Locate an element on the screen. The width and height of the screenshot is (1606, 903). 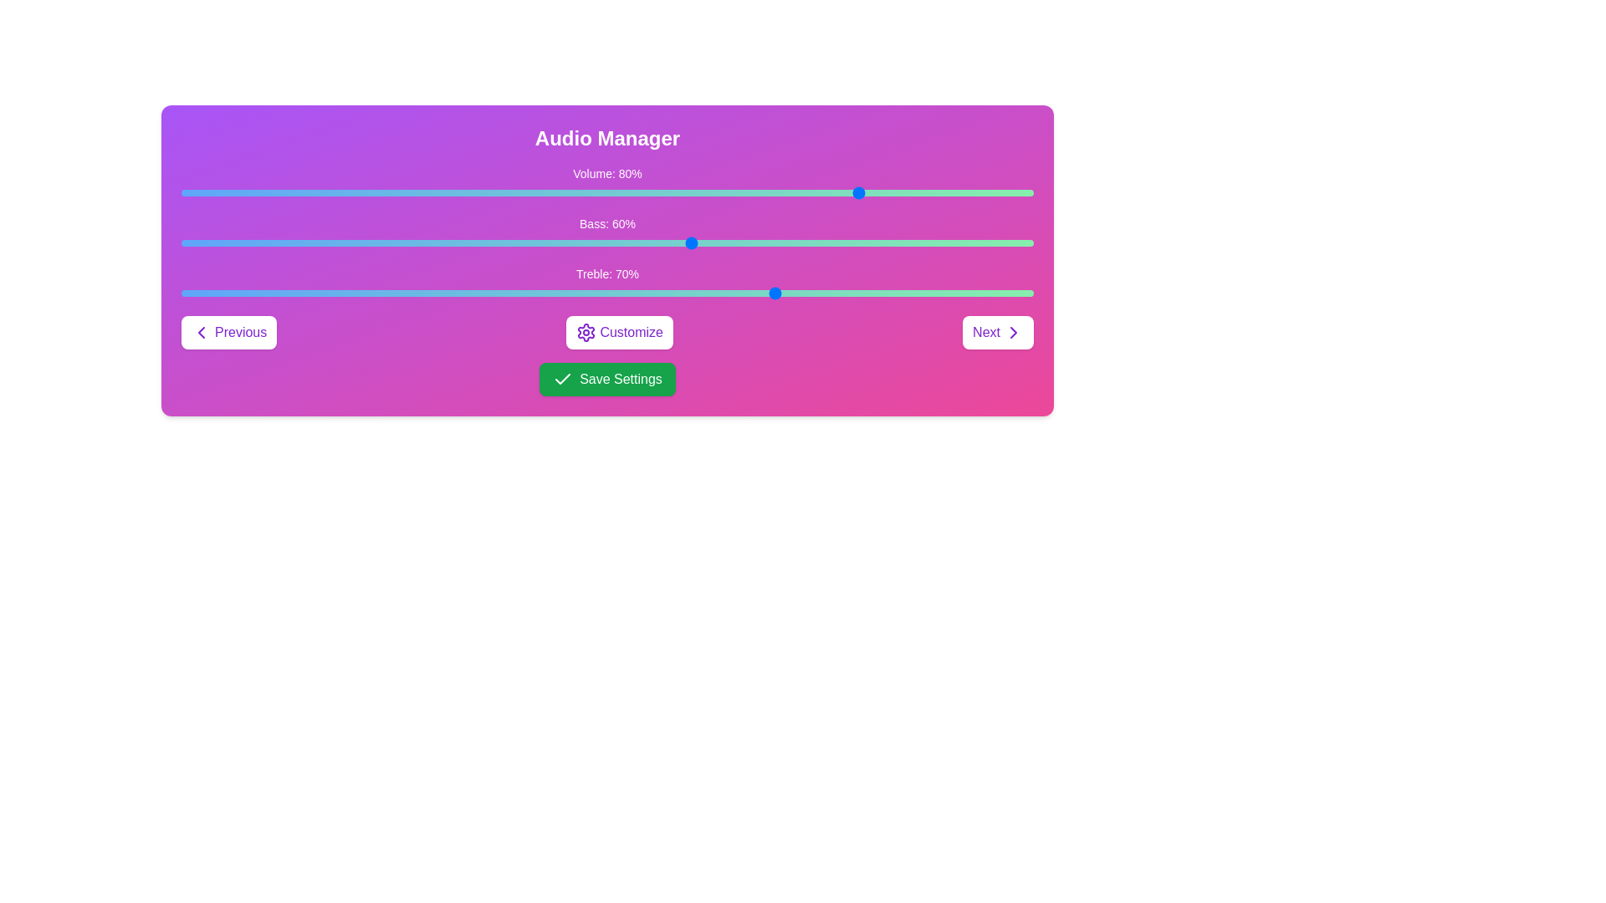
the text label indicating the current value of the bass setting, which is set to 60%, located in the middle of the control panel above the slider is located at coordinates (606, 222).